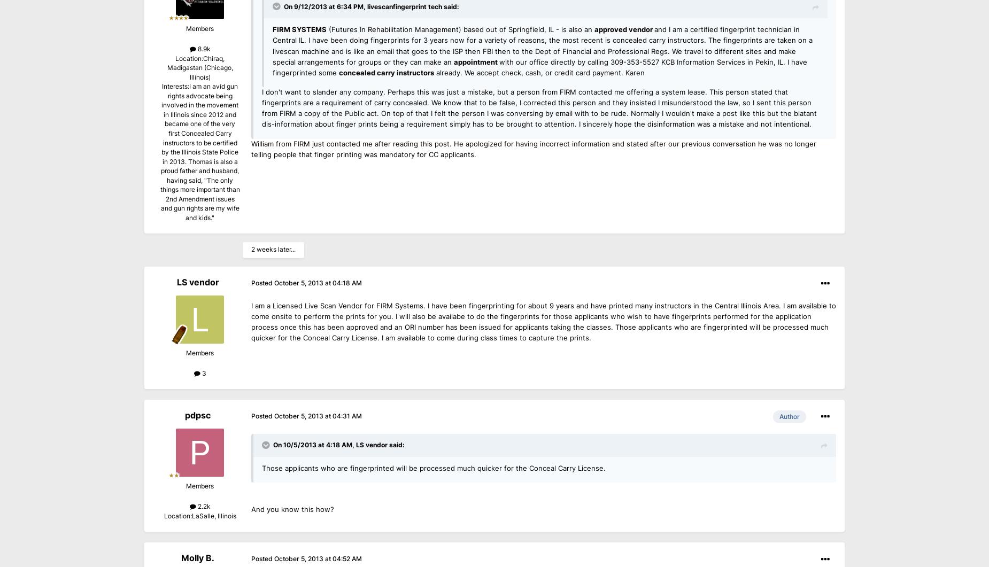 This screenshot has width=989, height=567. Describe the element at coordinates (790, 416) in the screenshot. I see `'Author'` at that location.